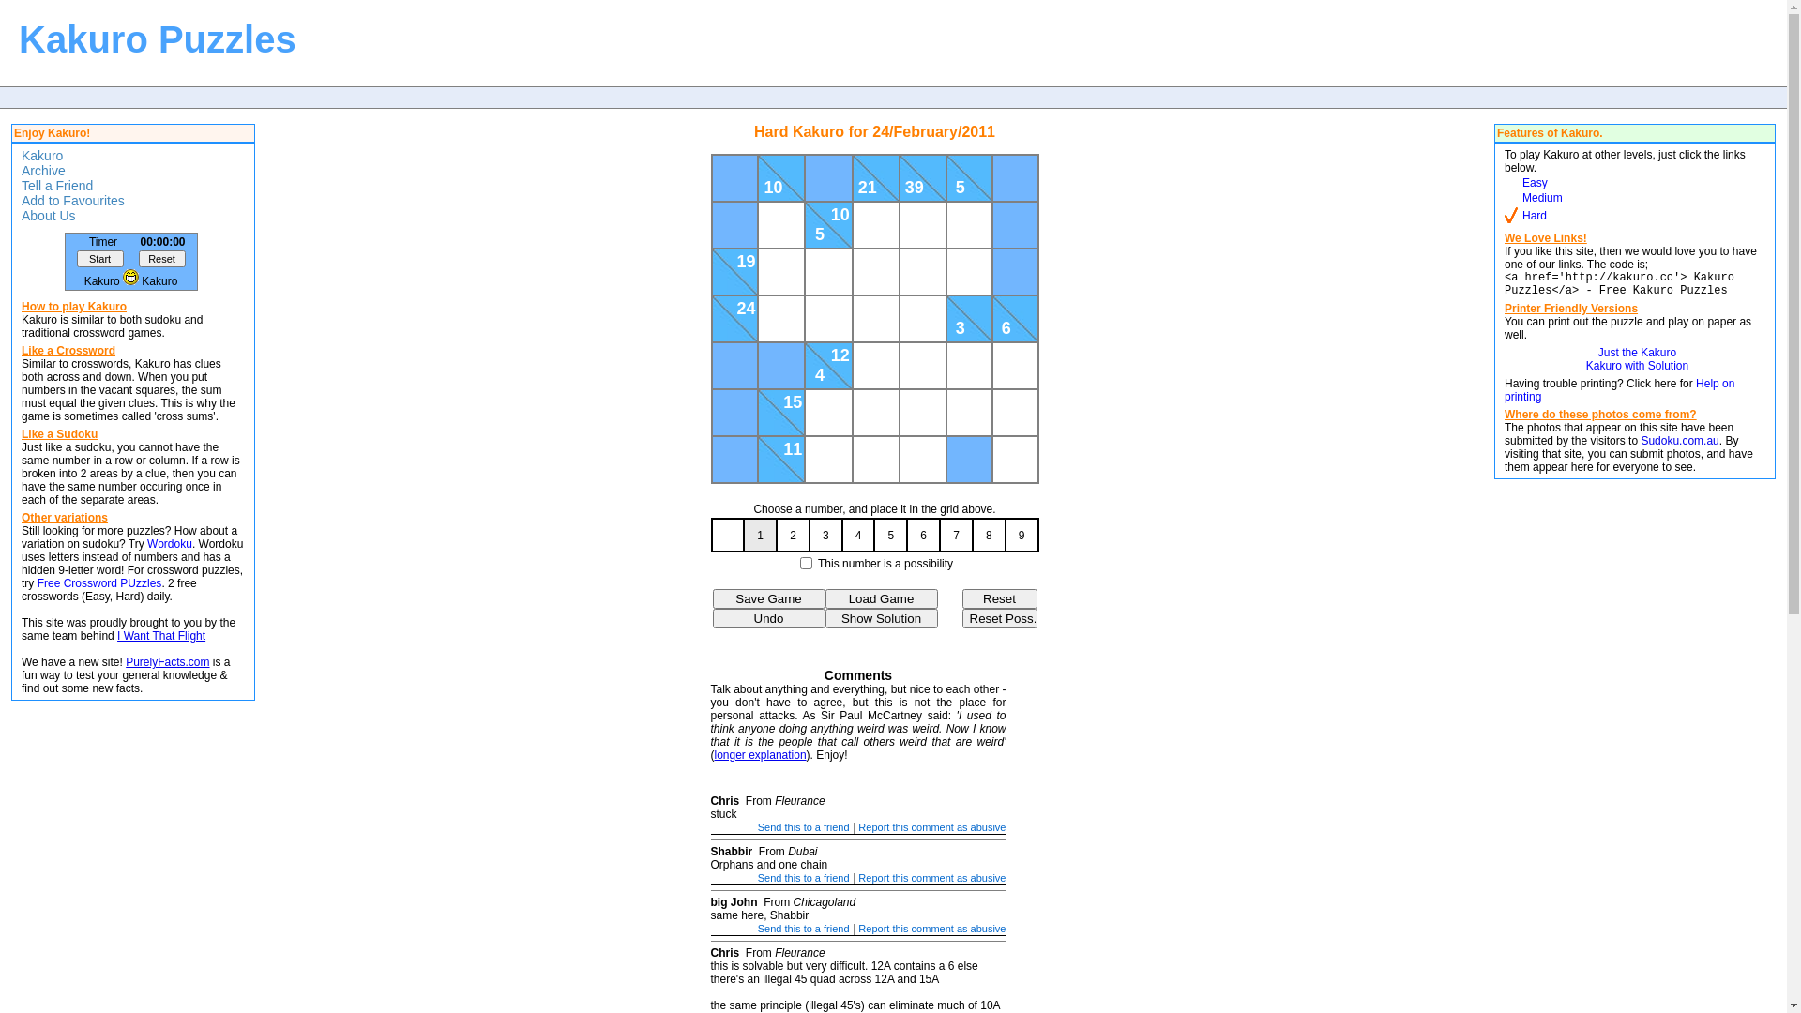  What do you see at coordinates (1618, 389) in the screenshot?
I see `'Help on printing'` at bounding box center [1618, 389].